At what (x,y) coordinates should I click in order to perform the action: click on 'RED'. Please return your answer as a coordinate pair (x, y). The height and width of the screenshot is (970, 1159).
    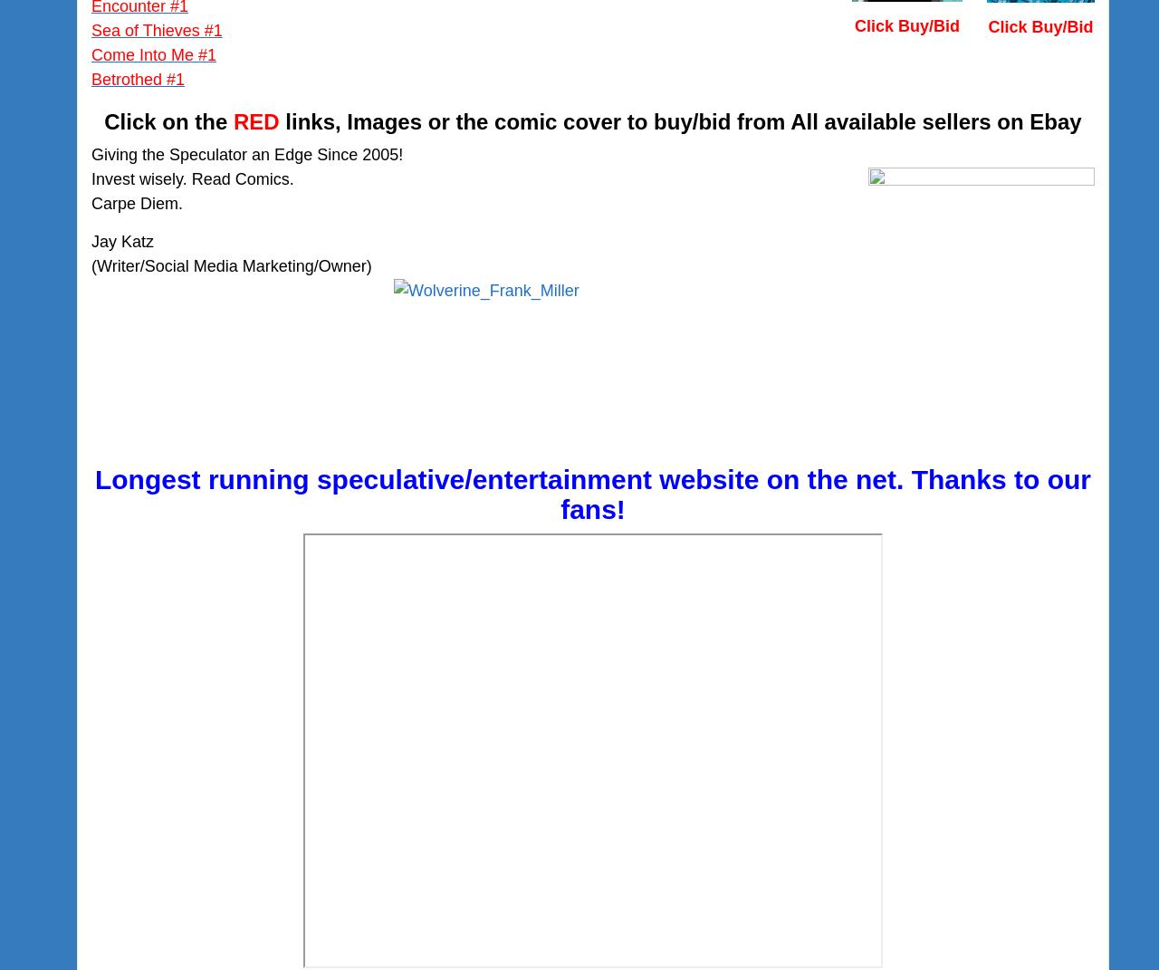
    Looking at the image, I should click on (254, 120).